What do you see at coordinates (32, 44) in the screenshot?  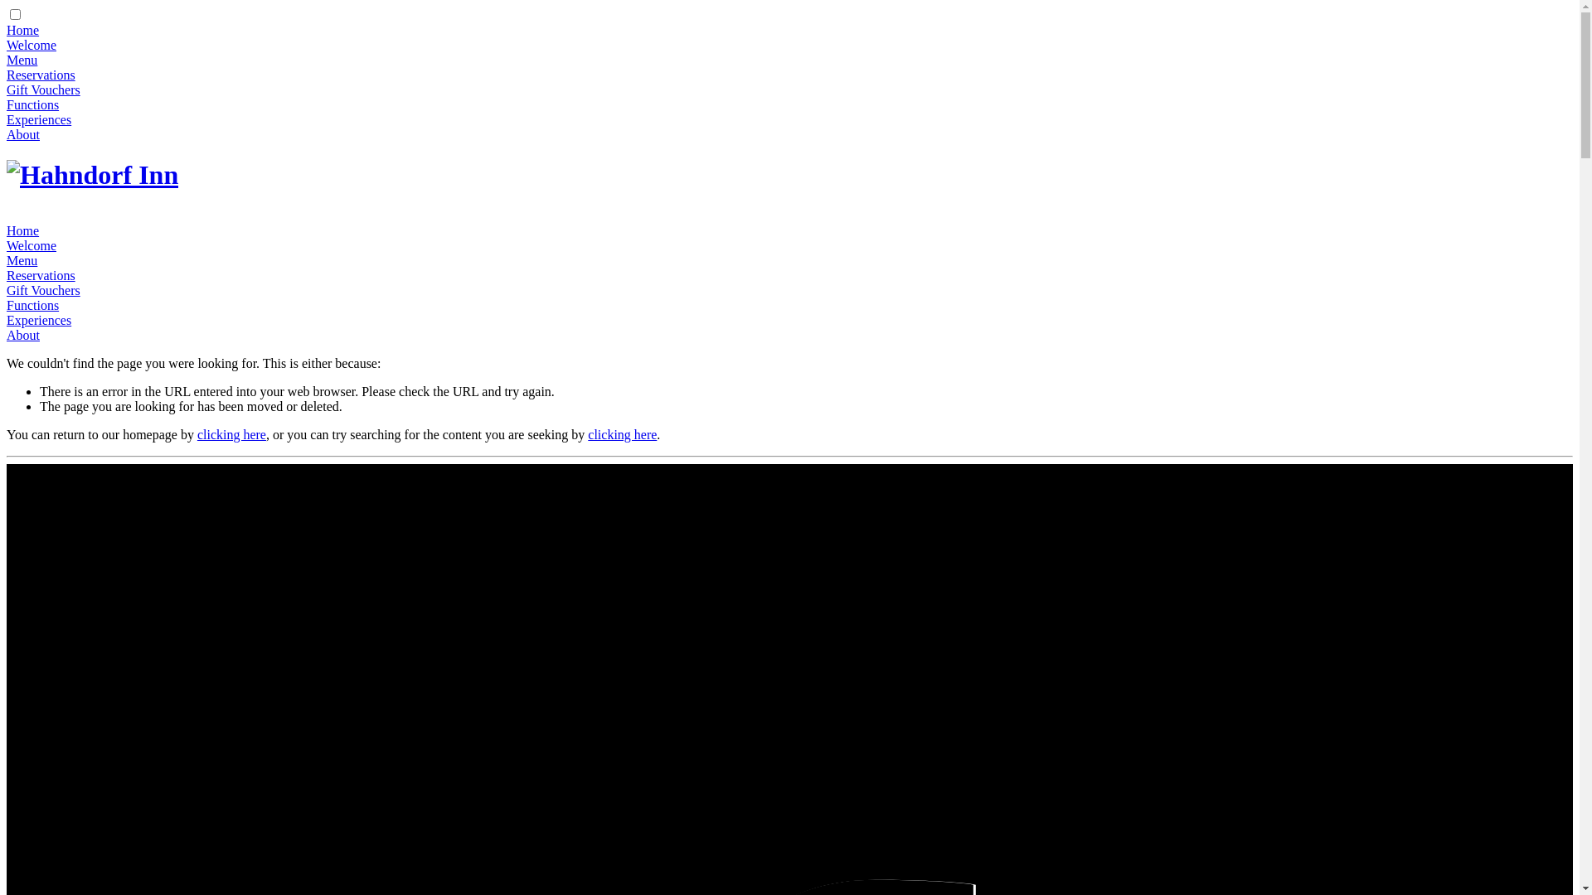 I see `'Welcome'` at bounding box center [32, 44].